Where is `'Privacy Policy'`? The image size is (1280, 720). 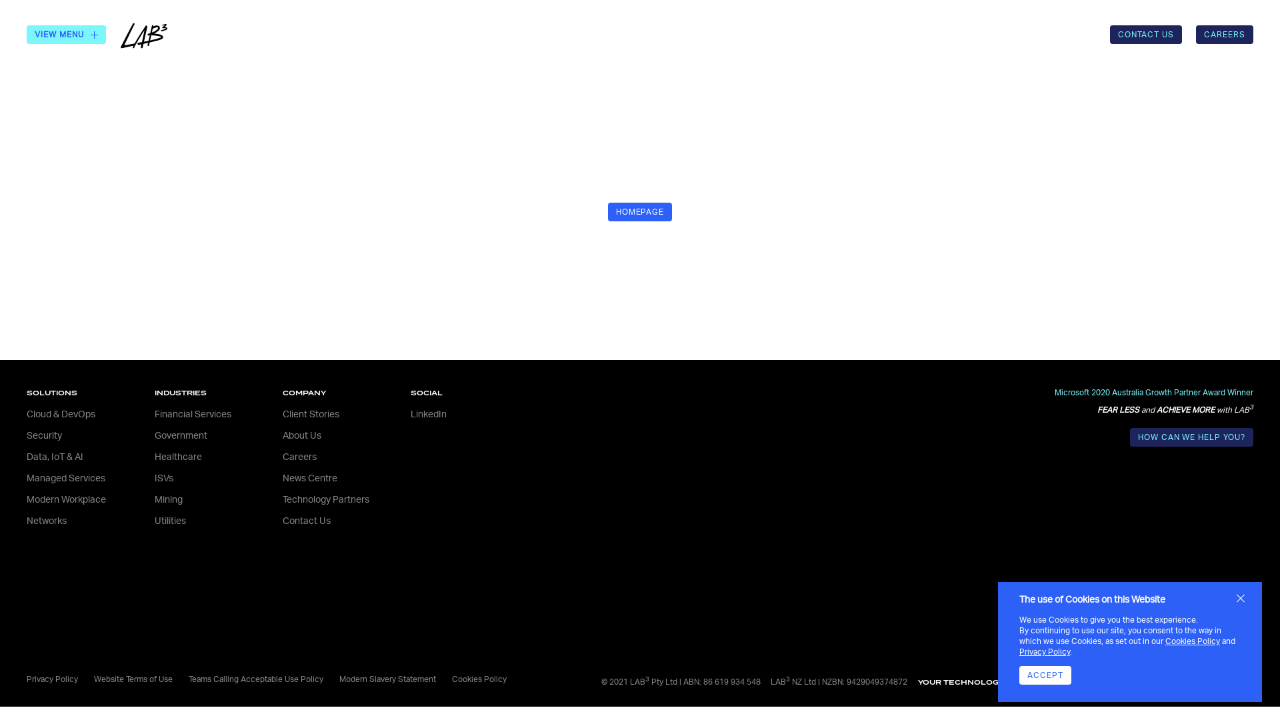 'Privacy Policy' is located at coordinates (1043, 651).